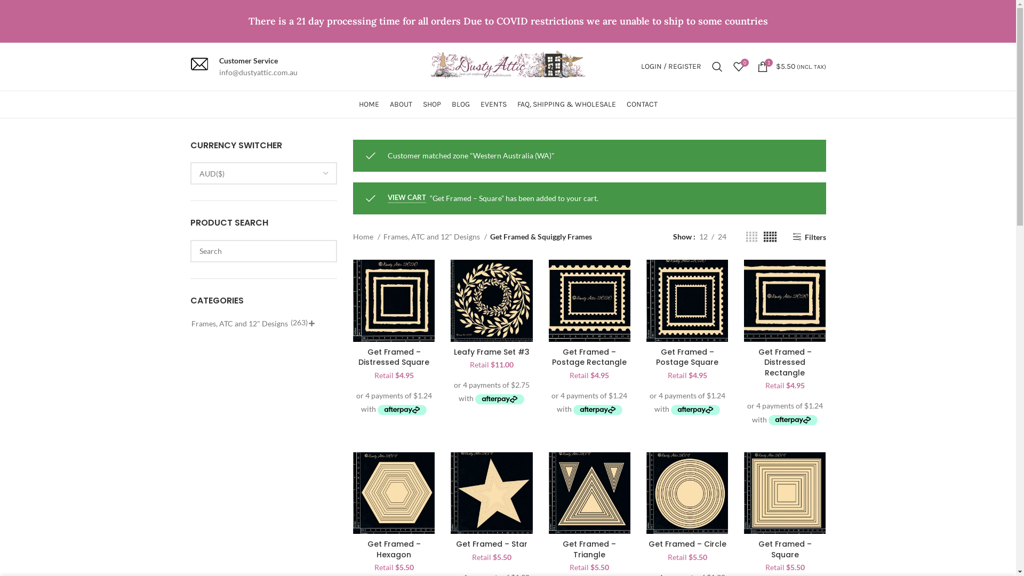  I want to click on 'LOGIN / REGISTER', so click(670, 66).